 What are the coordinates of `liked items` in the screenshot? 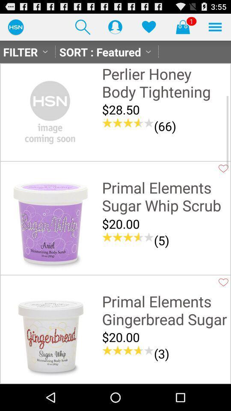 It's located at (148, 27).